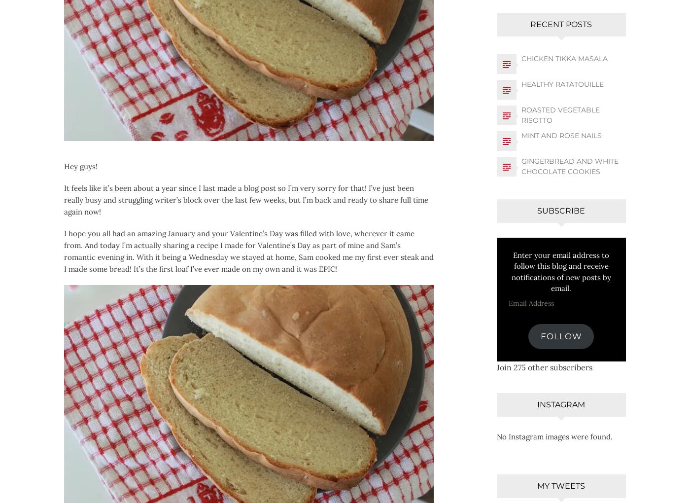 The width and height of the screenshot is (690, 503). I want to click on 'Chicken Tikka Masala', so click(564, 58).